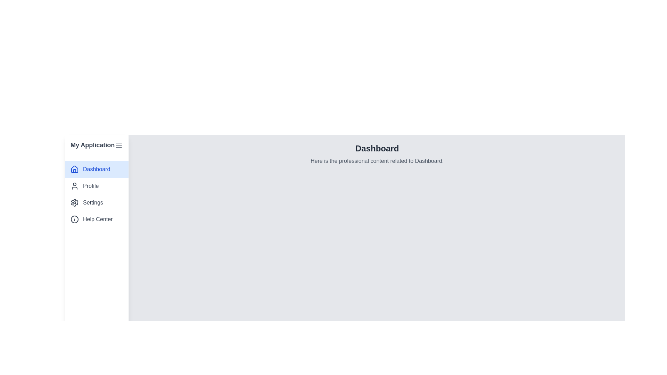 Image resolution: width=667 pixels, height=375 pixels. Describe the element at coordinates (96, 194) in the screenshot. I see `the 'Profile' item in the vertical navigation bar located in the sidebar of 'My Application' to potentially reveal additional information or tooltips` at that location.